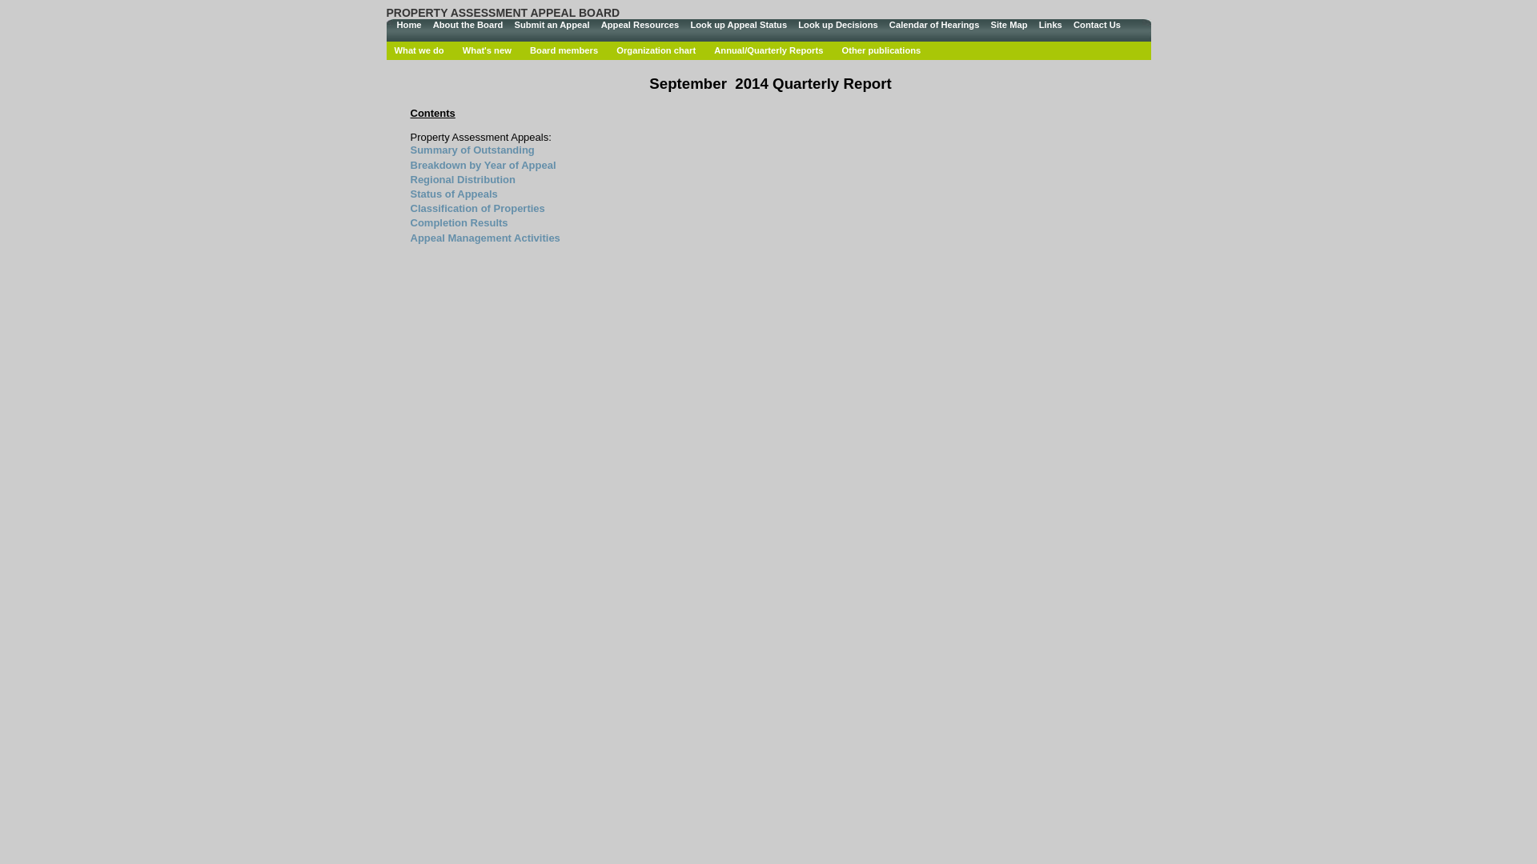  Describe the element at coordinates (768, 49) in the screenshot. I see `'Annual/Quarterly Reports'` at that location.